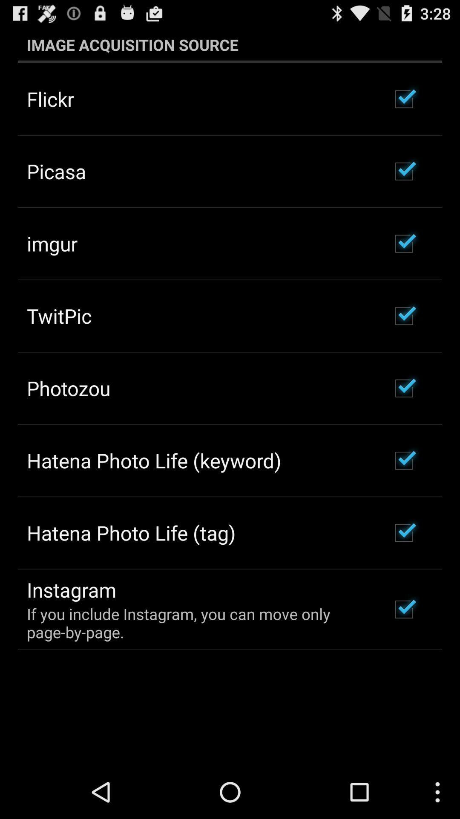  I want to click on the flickr icon, so click(50, 99).